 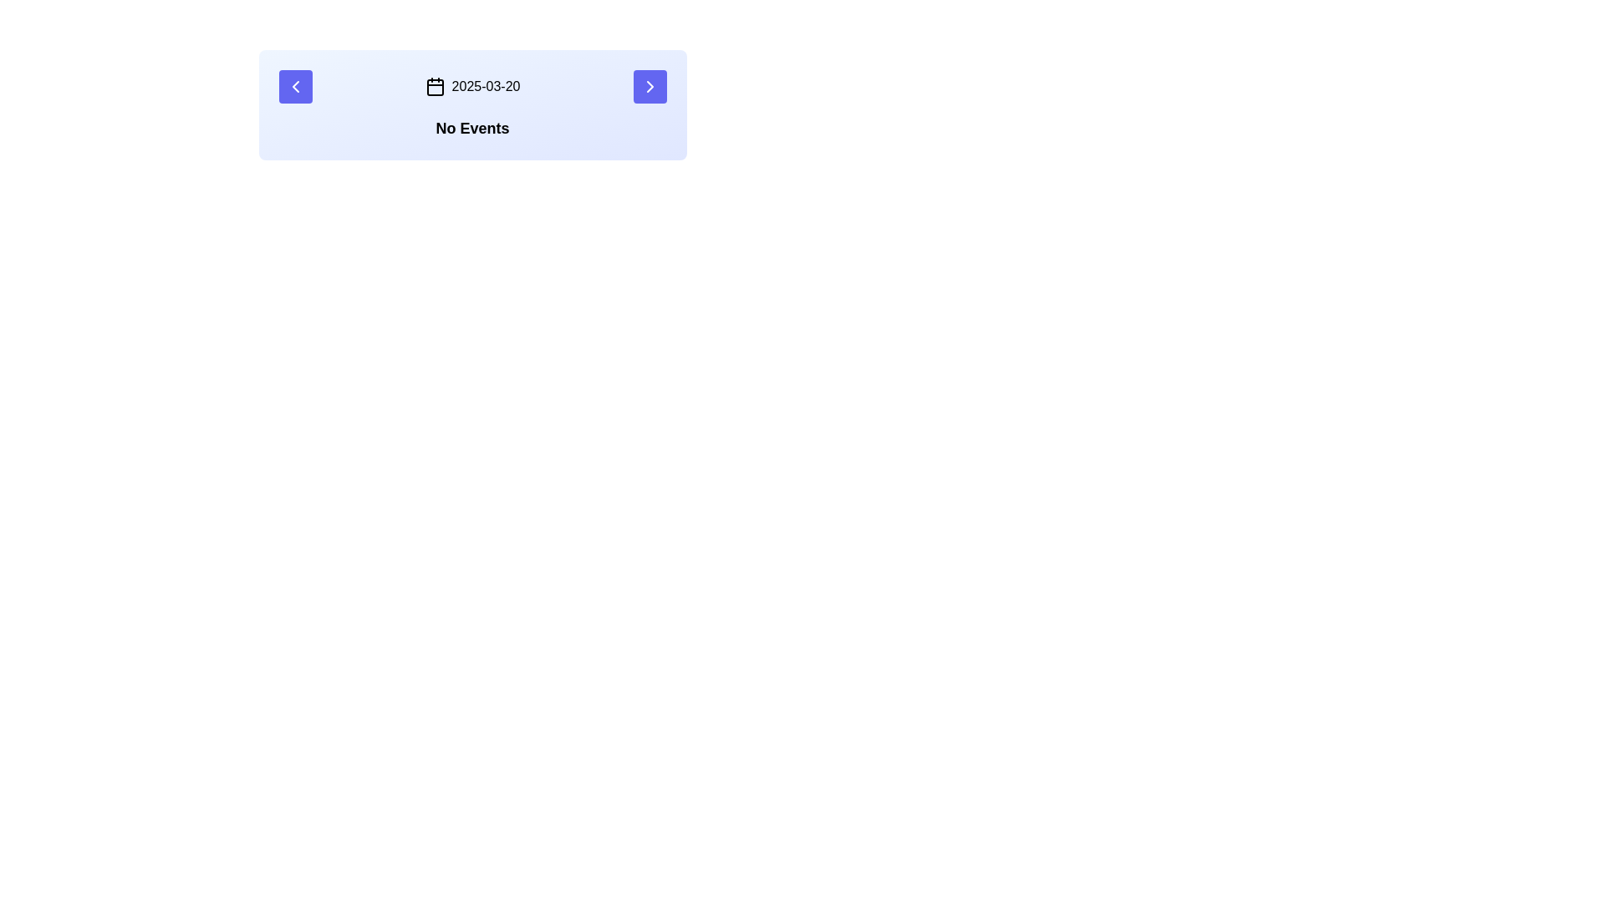 What do you see at coordinates (649, 87) in the screenshot?
I see `the rightward-pointing chevron icon within the blue button` at bounding box center [649, 87].